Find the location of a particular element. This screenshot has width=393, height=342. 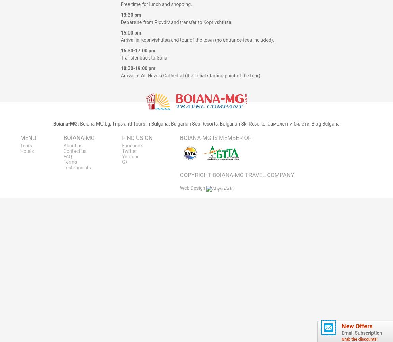

'16:30-17:00 pm' is located at coordinates (138, 51).